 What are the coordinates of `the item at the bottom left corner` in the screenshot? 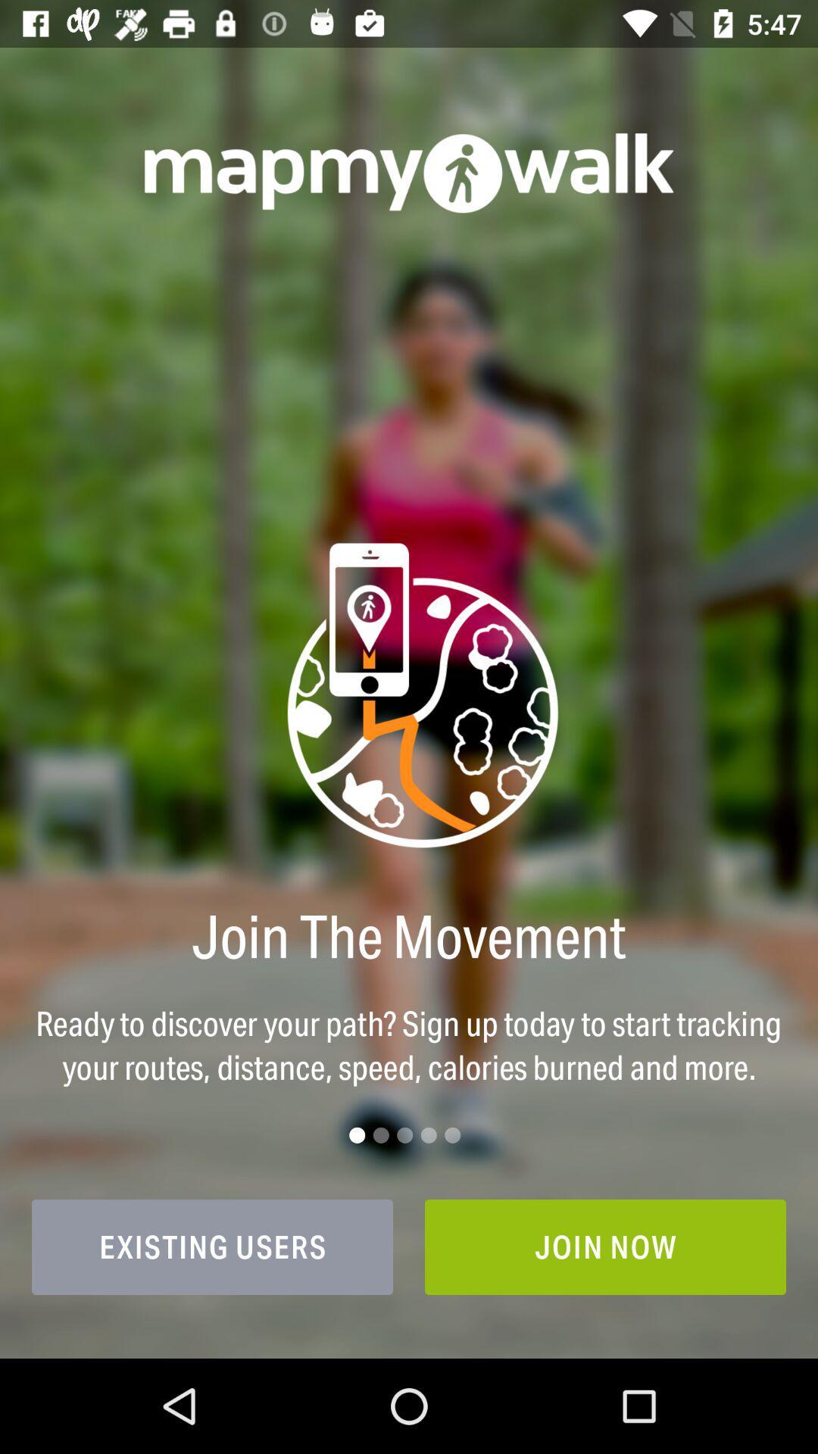 It's located at (212, 1247).